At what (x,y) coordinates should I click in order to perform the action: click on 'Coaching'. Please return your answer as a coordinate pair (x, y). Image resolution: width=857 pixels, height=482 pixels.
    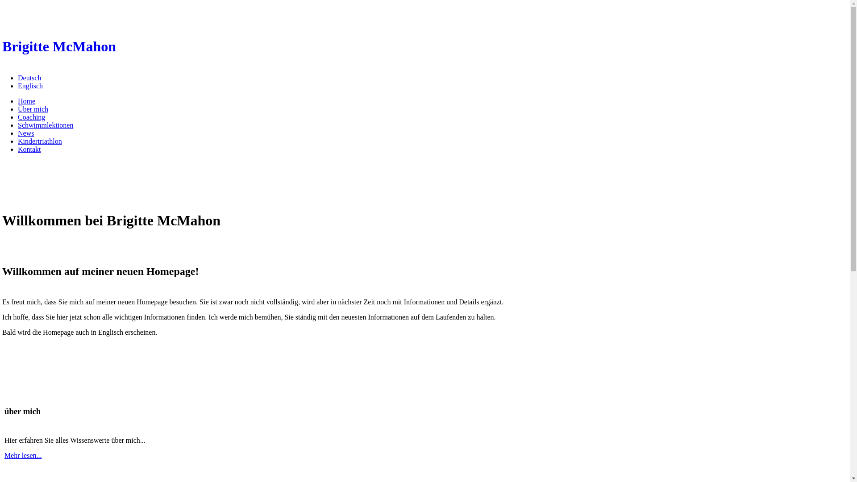
    Looking at the image, I should click on (17, 116).